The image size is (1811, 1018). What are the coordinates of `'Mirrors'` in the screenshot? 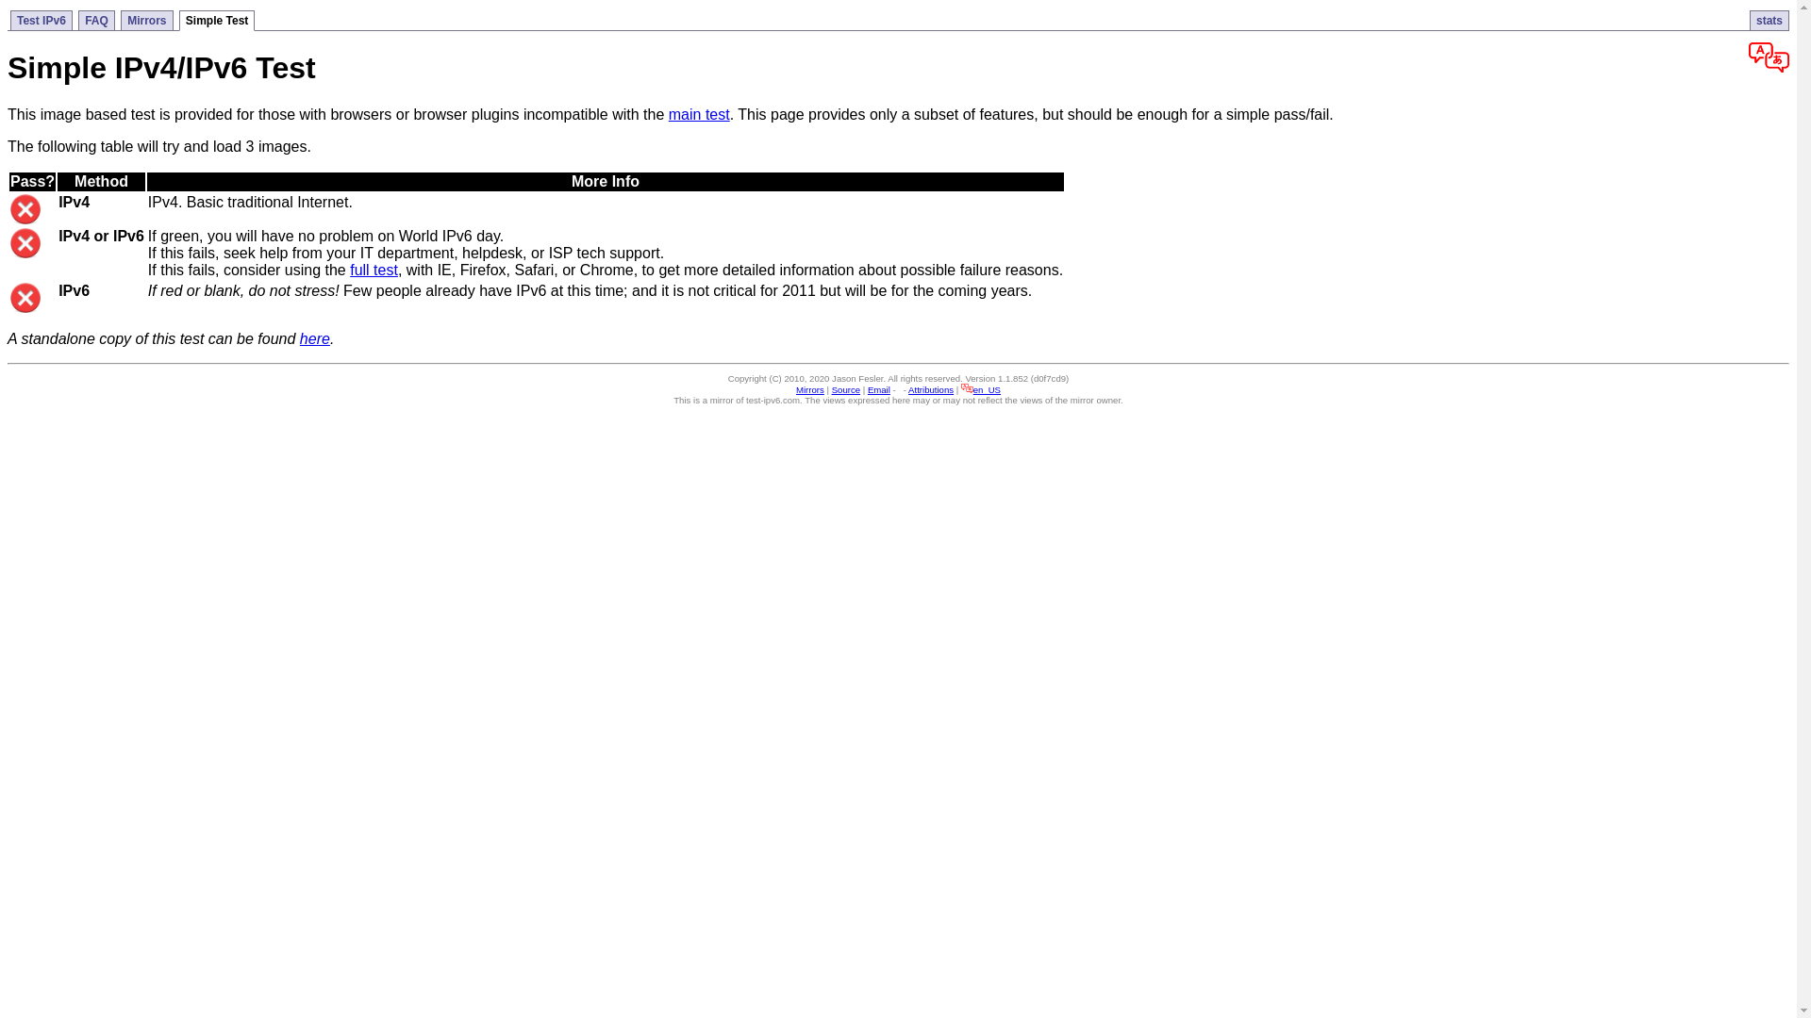 It's located at (796, 388).